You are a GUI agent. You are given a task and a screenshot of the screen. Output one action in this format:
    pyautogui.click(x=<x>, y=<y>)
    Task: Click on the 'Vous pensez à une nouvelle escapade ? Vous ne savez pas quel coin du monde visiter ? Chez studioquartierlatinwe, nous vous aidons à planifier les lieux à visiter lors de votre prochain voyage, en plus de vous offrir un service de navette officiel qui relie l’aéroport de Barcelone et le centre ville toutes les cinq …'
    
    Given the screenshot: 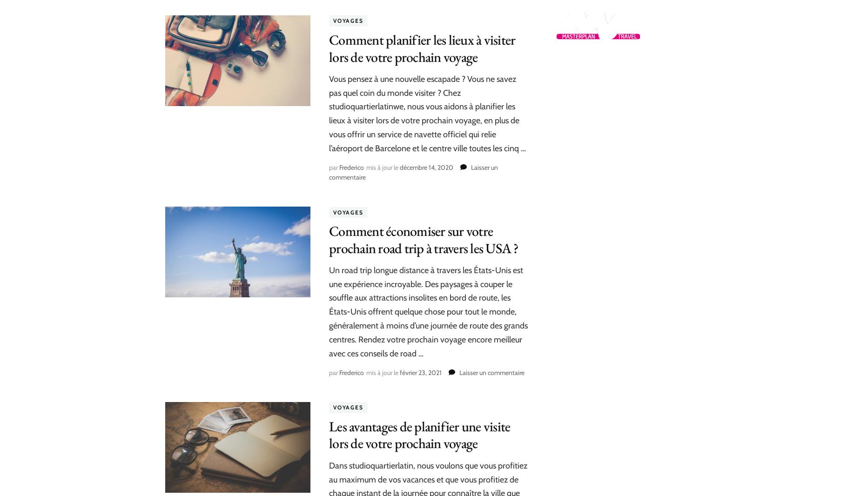 What is the action you would take?
    pyautogui.click(x=427, y=113)
    